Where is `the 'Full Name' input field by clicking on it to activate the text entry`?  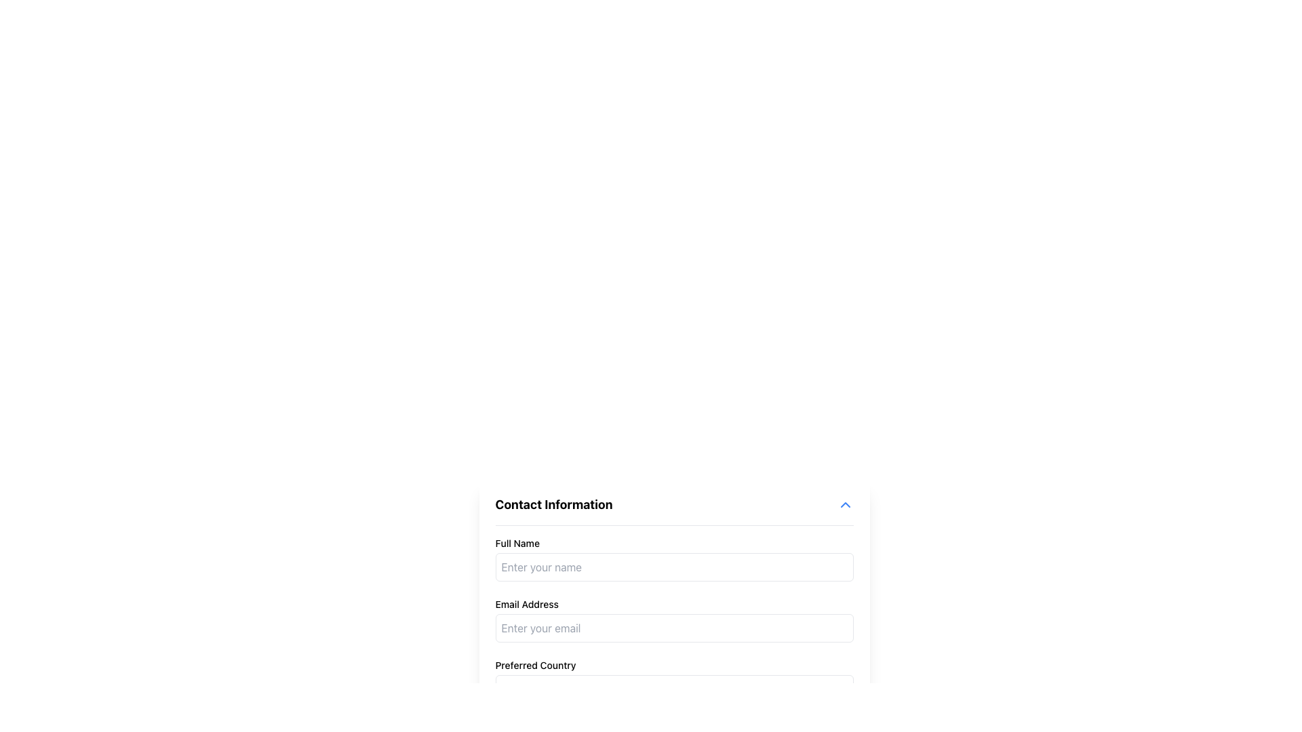 the 'Full Name' input field by clicking on it to activate the text entry is located at coordinates (674, 559).